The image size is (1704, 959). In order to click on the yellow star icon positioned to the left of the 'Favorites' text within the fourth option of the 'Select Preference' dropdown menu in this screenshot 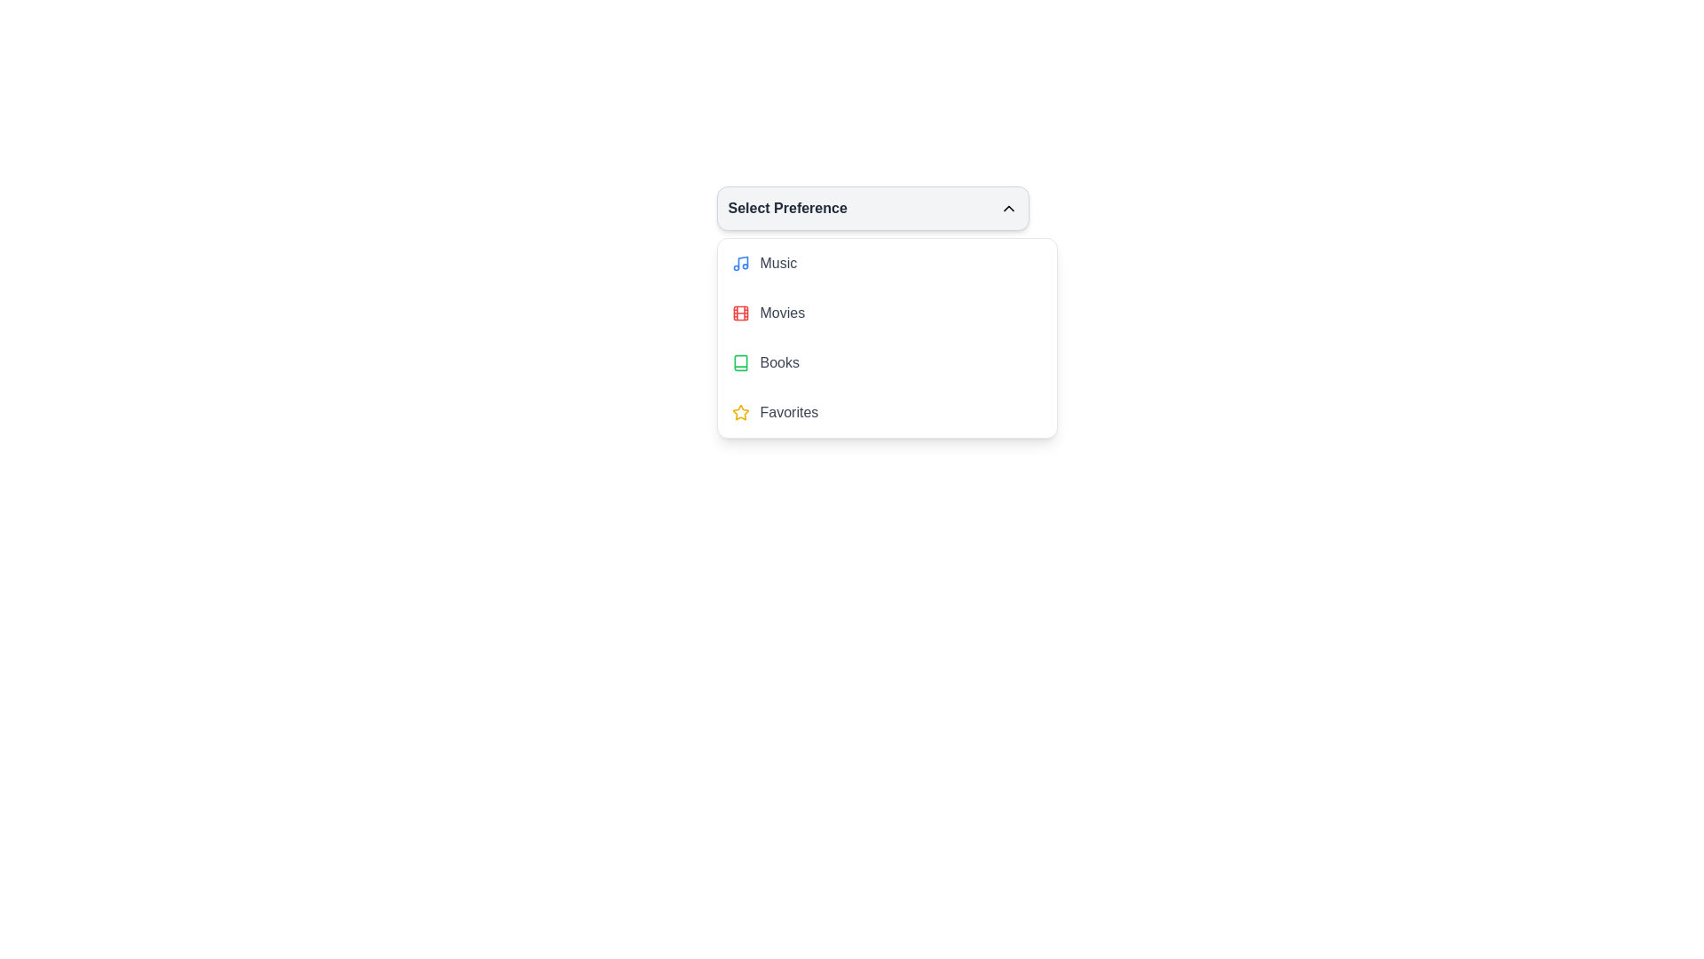, I will do `click(740, 413)`.